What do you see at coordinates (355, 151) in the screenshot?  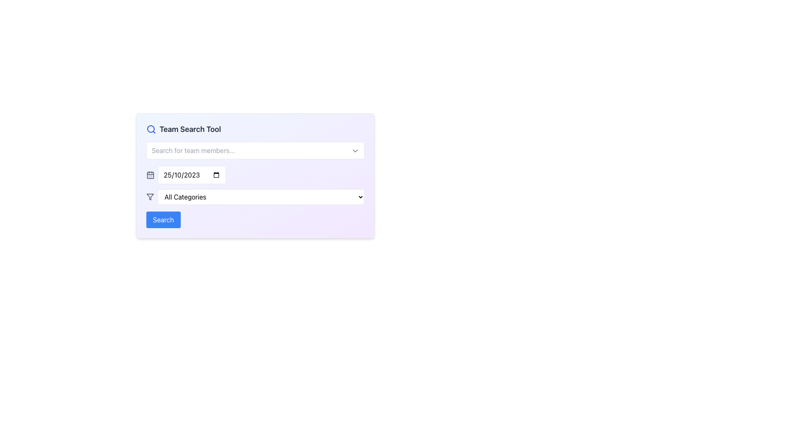 I see `the chevron icon located at the top-right of the 'Search for team members...' input field` at bounding box center [355, 151].